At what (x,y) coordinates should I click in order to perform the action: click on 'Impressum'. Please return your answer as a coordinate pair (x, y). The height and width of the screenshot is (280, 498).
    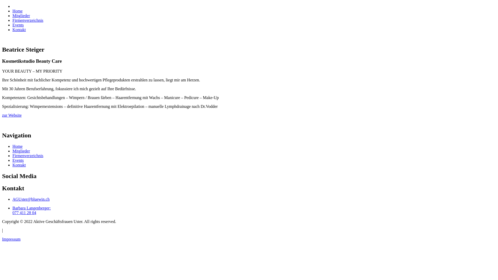
    Looking at the image, I should click on (11, 239).